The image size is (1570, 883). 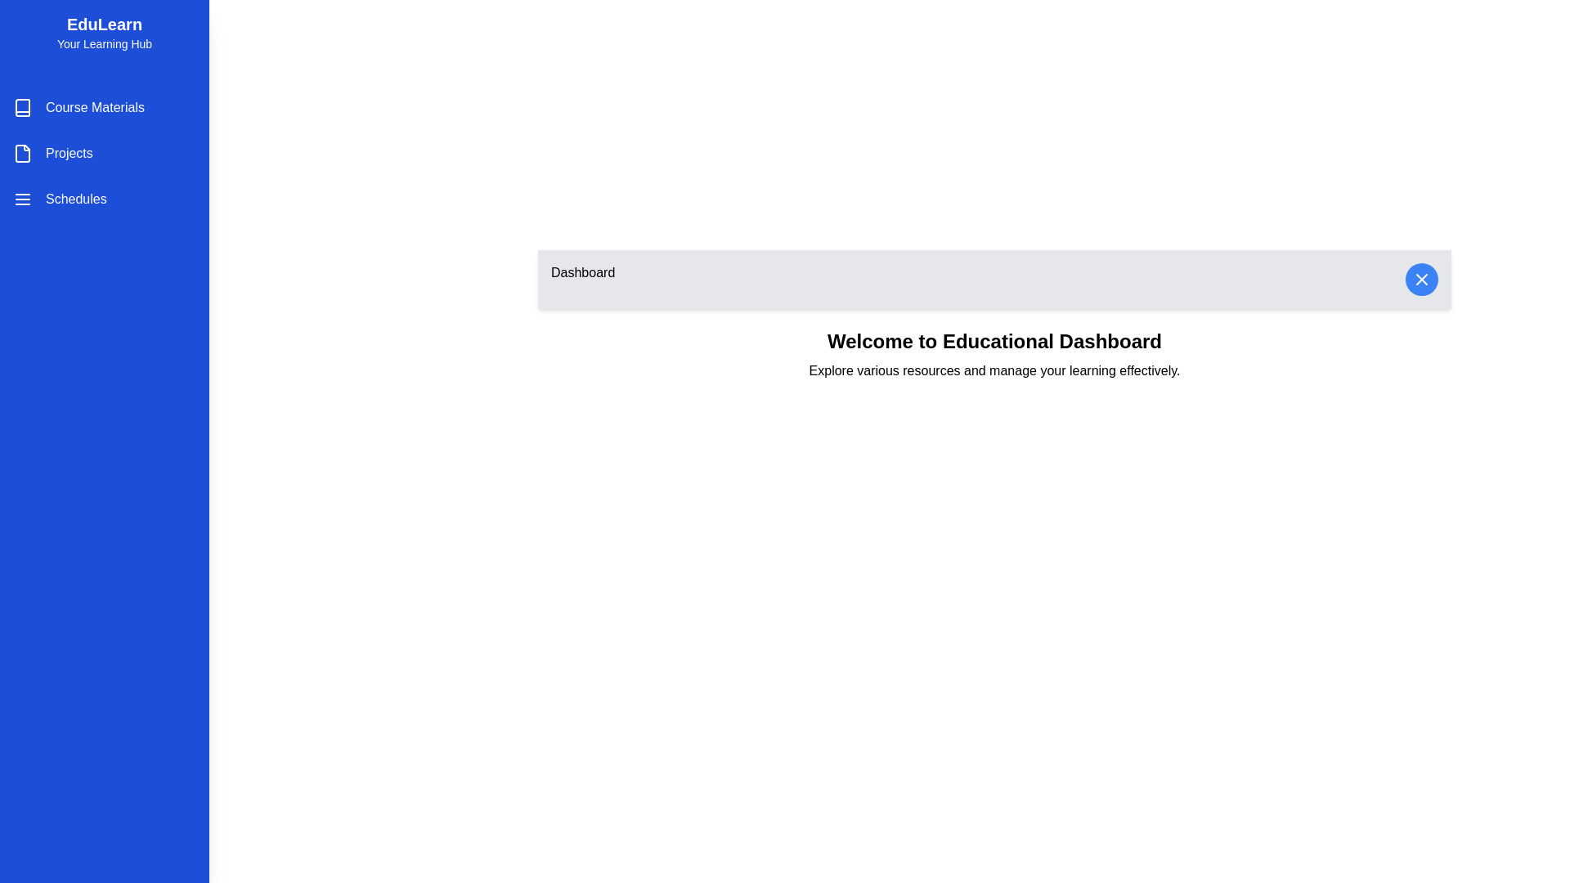 I want to click on the 'Schedules' icon located in the sidebar menu, which serves as a visual cue for navigation and is positioned to the left of the 'Schedules' label, so click(x=23, y=198).